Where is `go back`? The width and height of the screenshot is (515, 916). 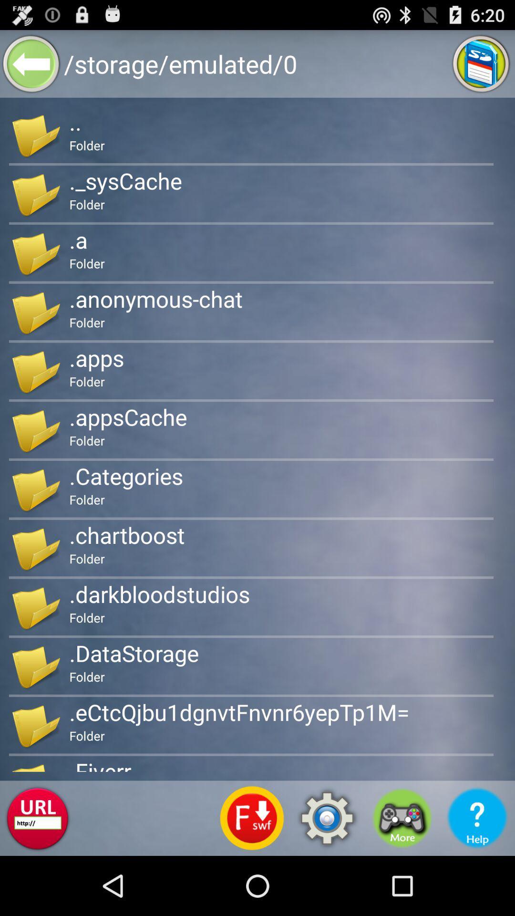
go back is located at coordinates (31, 63).